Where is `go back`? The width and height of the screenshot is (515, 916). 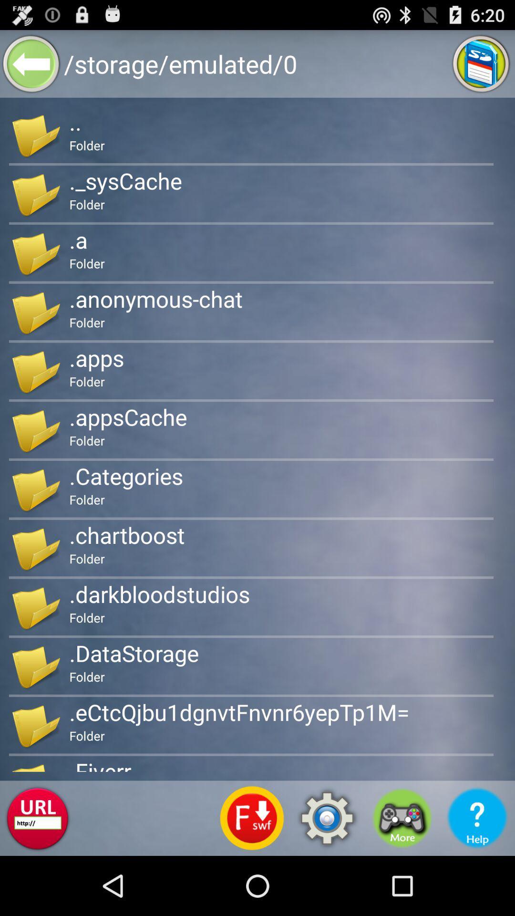
go back is located at coordinates (31, 63).